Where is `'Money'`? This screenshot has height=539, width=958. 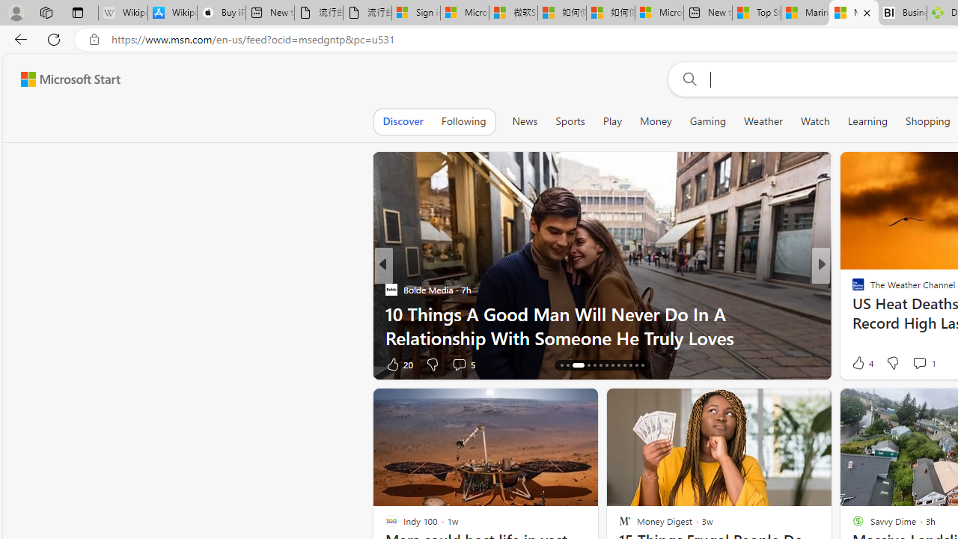 'Money' is located at coordinates (656, 121).